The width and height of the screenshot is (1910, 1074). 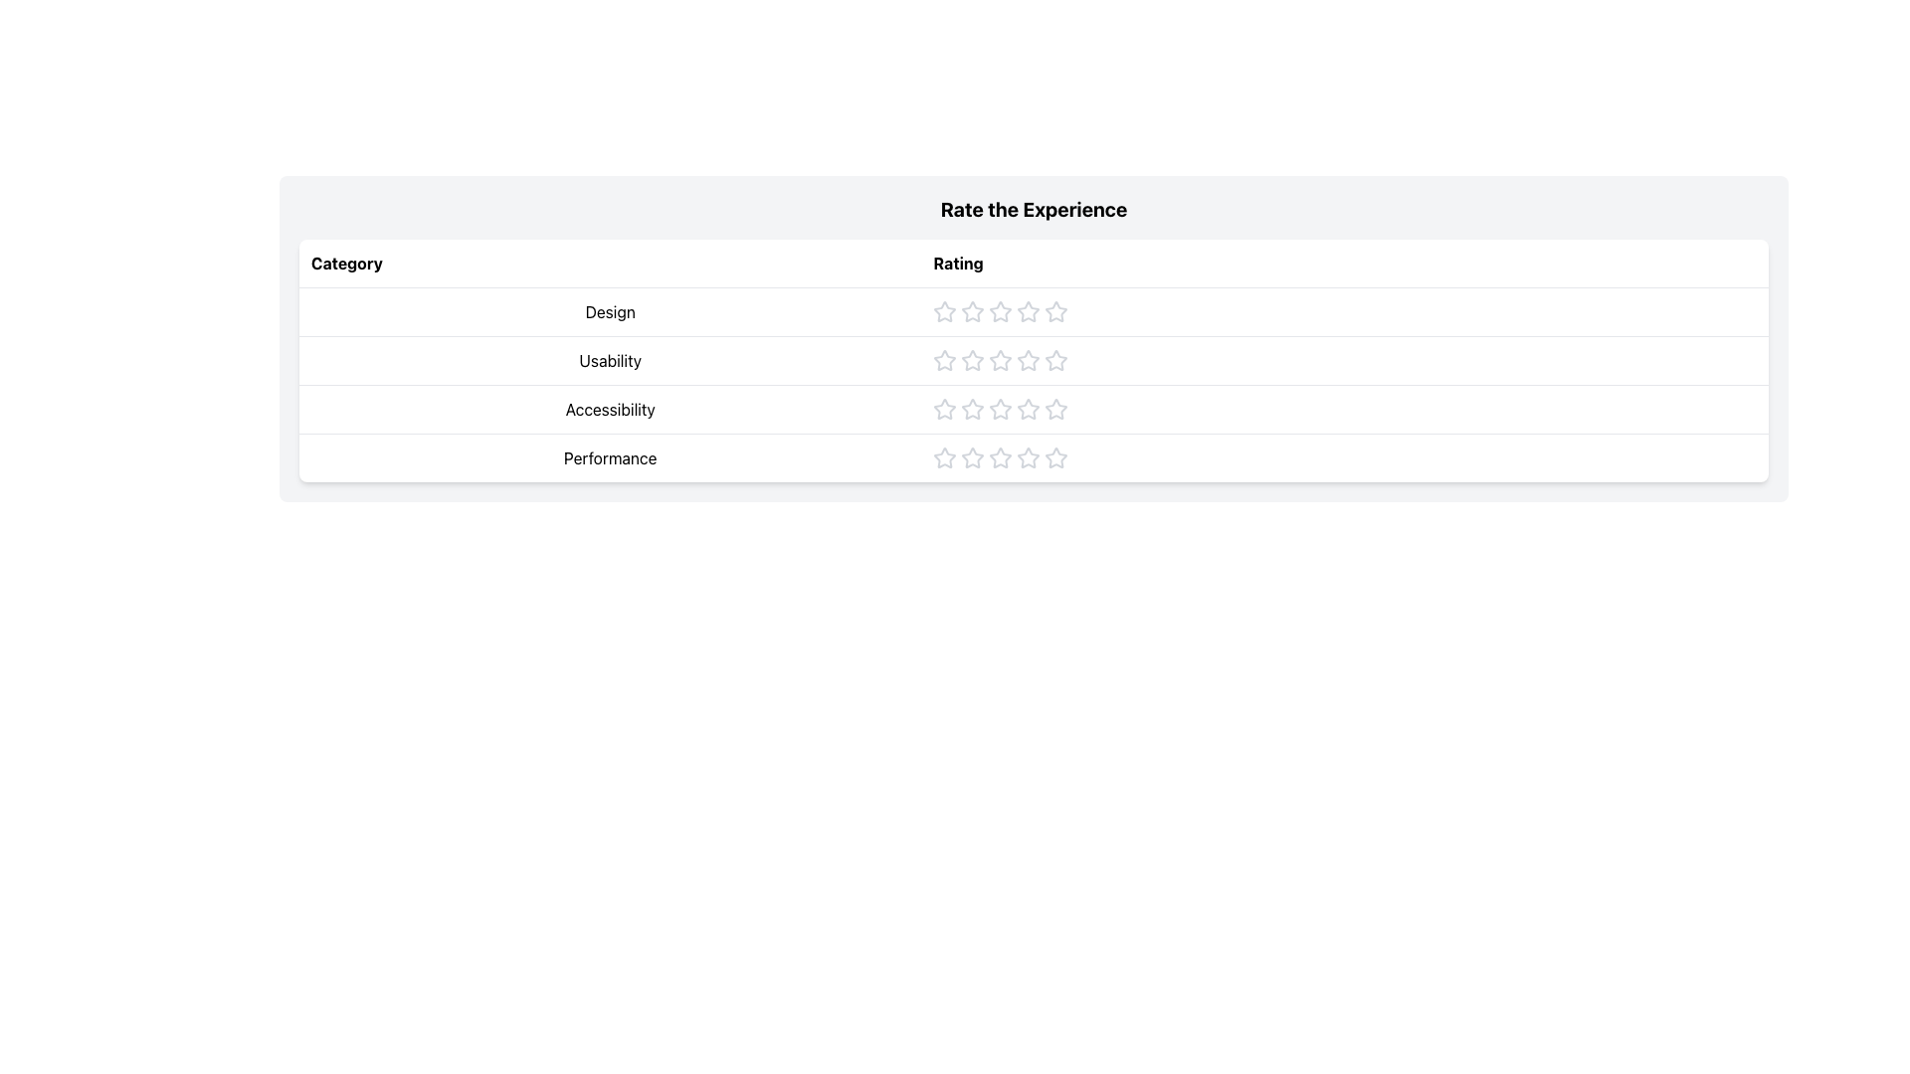 What do you see at coordinates (1345, 409) in the screenshot?
I see `the individual star icons in the Rating Row for the 'Accessibility' category, located in the table under the 'Rate the Experience' section` at bounding box center [1345, 409].